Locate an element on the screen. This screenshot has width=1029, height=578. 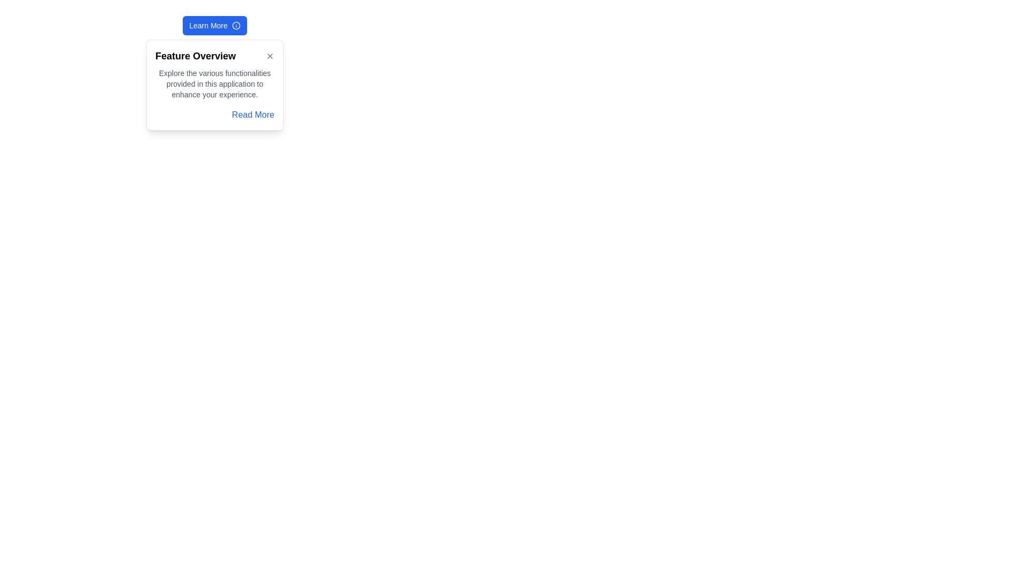
the close icon button located at the top right corner of the 'Feature Overview' box is located at coordinates (270, 56).